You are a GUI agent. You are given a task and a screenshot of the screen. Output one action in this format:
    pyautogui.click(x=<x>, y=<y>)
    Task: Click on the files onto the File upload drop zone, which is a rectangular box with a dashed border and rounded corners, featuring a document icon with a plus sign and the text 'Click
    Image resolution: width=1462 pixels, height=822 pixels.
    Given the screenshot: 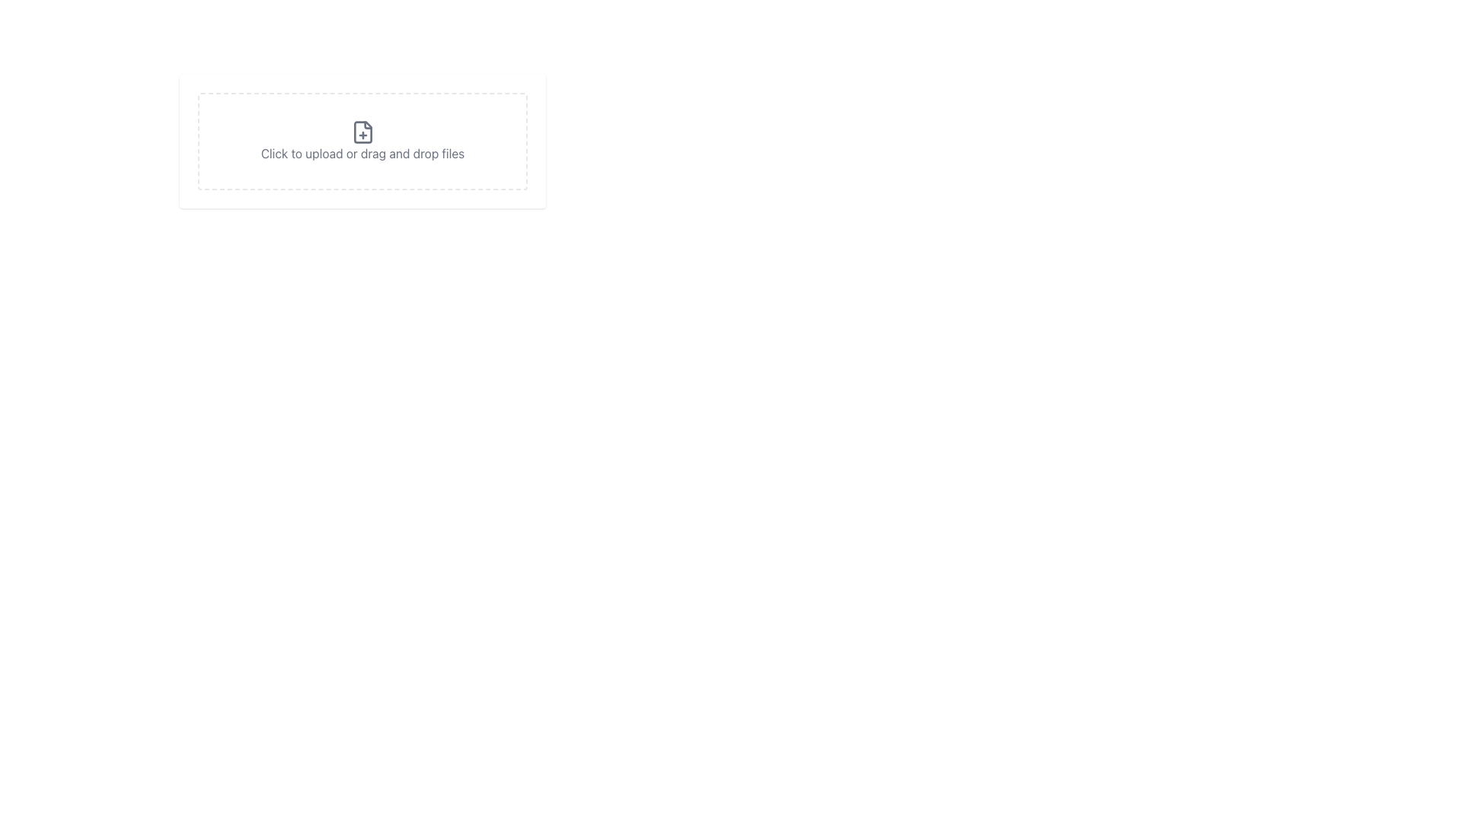 What is the action you would take?
    pyautogui.click(x=362, y=141)
    